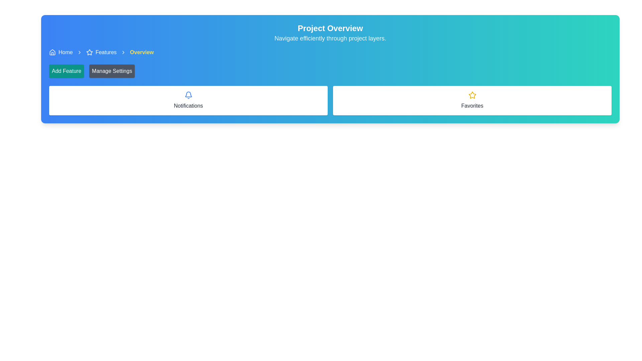 The height and width of the screenshot is (361, 642). Describe the element at coordinates (188, 105) in the screenshot. I see `the 'Notifications' text label, which is styled in a sans-serif font and is located below a notification bell icon, centered in a white background` at that location.